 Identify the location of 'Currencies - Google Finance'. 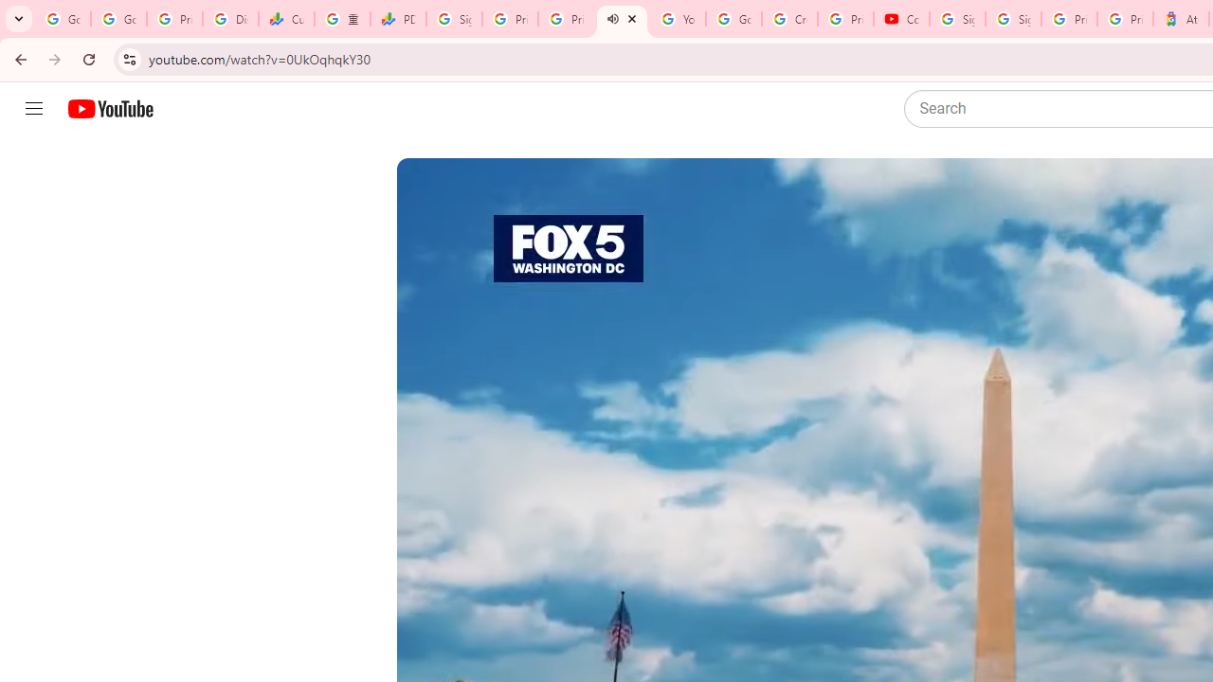
(285, 19).